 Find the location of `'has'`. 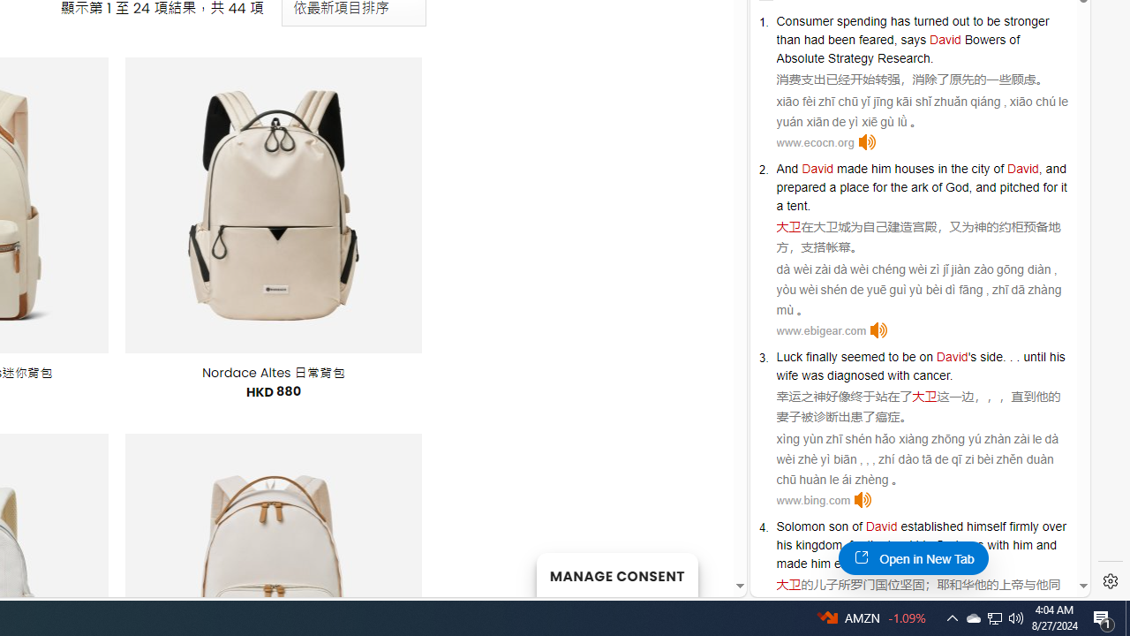

'has' is located at coordinates (900, 20).